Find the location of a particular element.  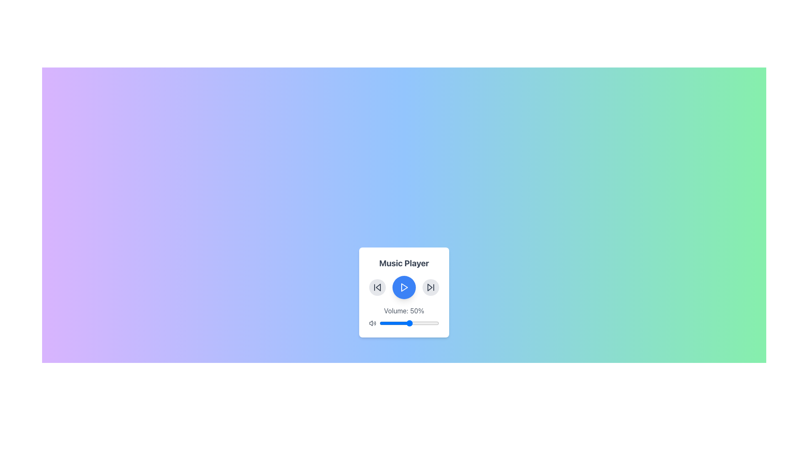

the slider is located at coordinates (432, 322).